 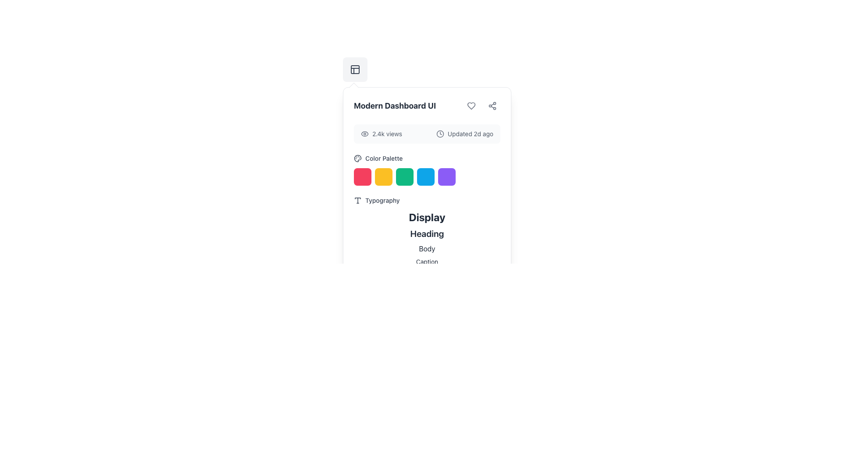 I want to click on the Color palette display, so click(x=427, y=170).